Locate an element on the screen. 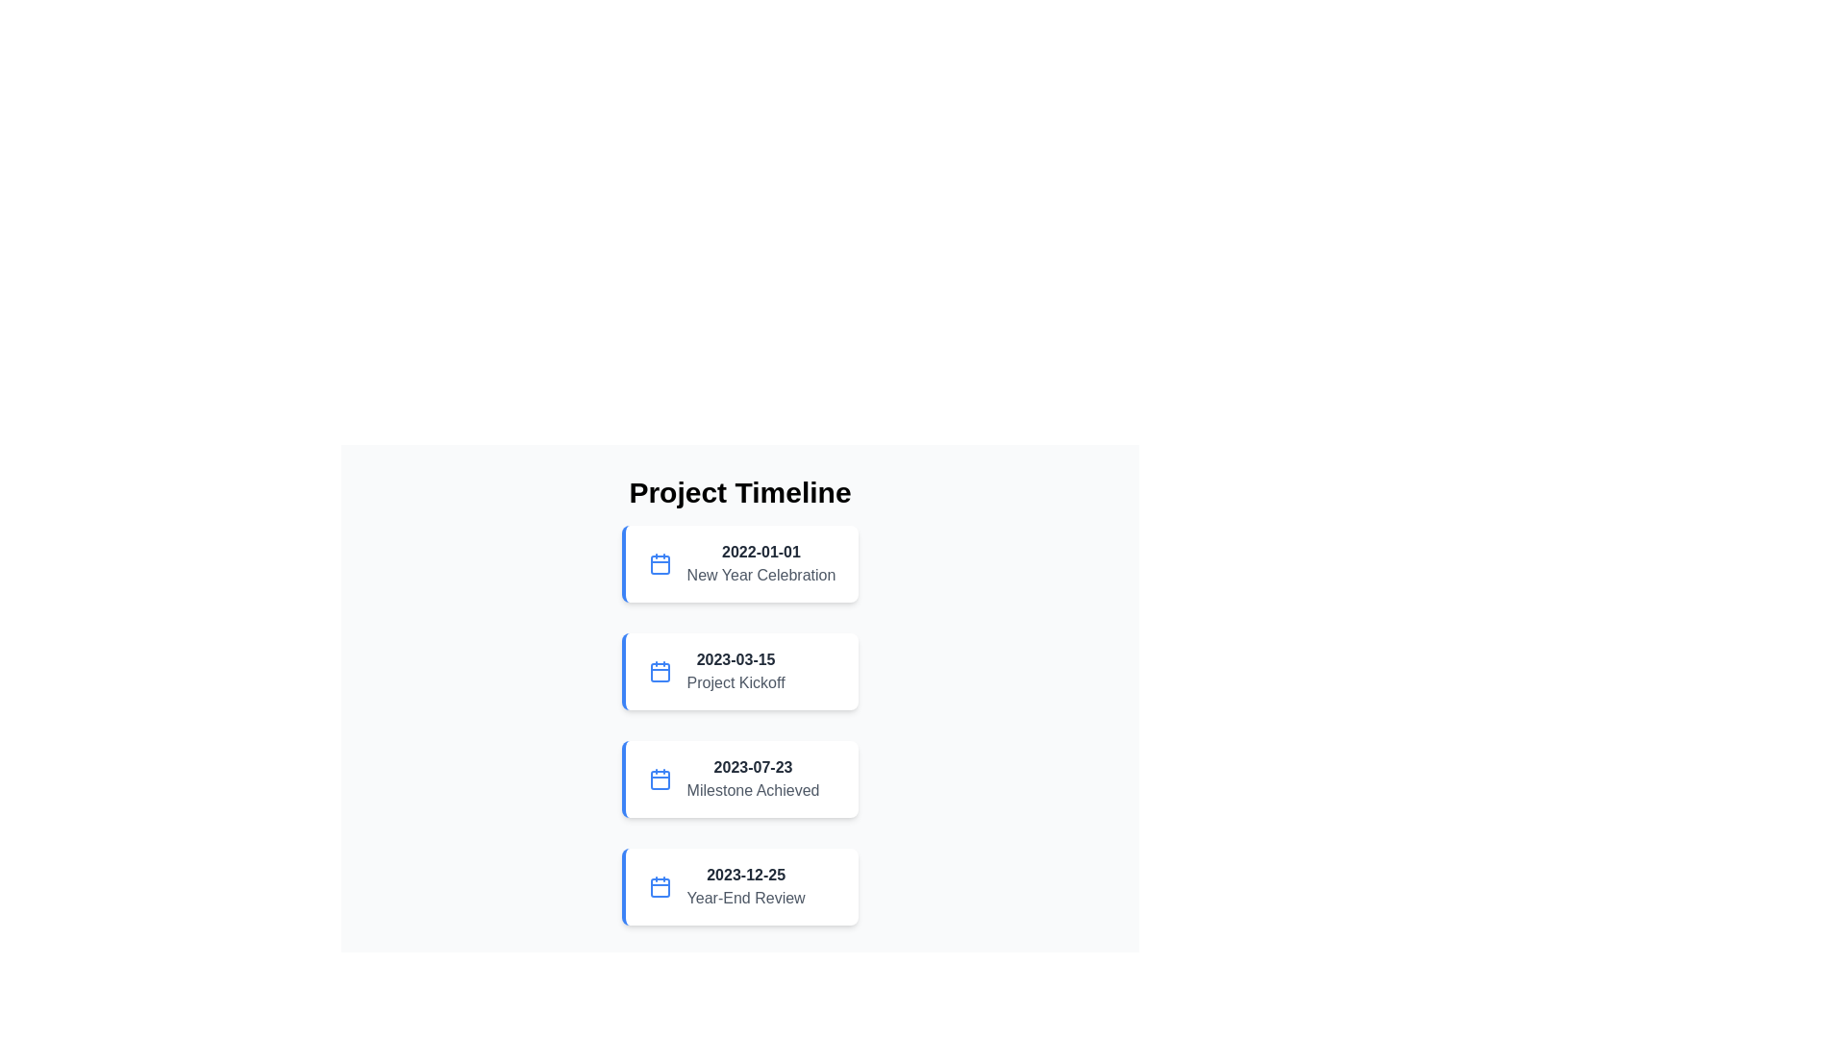  the first List Item (Event) in the vertical timeline layout, located below the 'Project Timeline' header is located at coordinates (741, 562).